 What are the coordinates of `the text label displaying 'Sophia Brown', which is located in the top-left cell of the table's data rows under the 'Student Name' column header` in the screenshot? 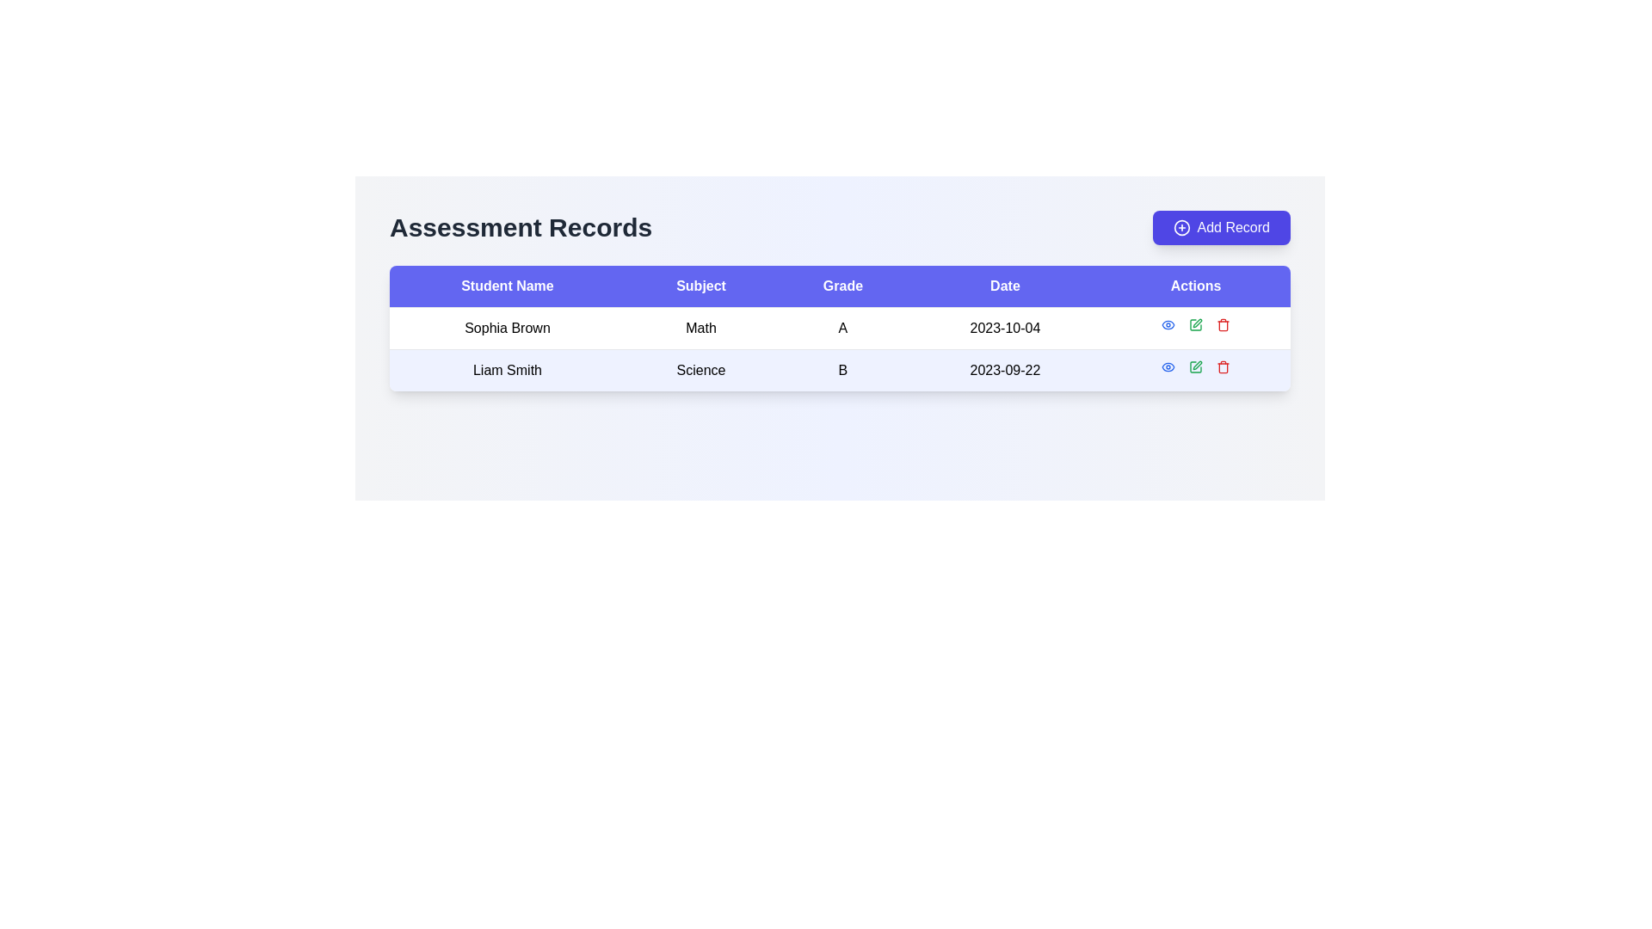 It's located at (507, 328).